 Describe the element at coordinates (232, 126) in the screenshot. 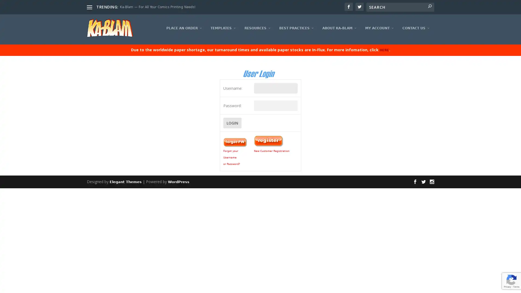

I see `LOGIN` at that location.